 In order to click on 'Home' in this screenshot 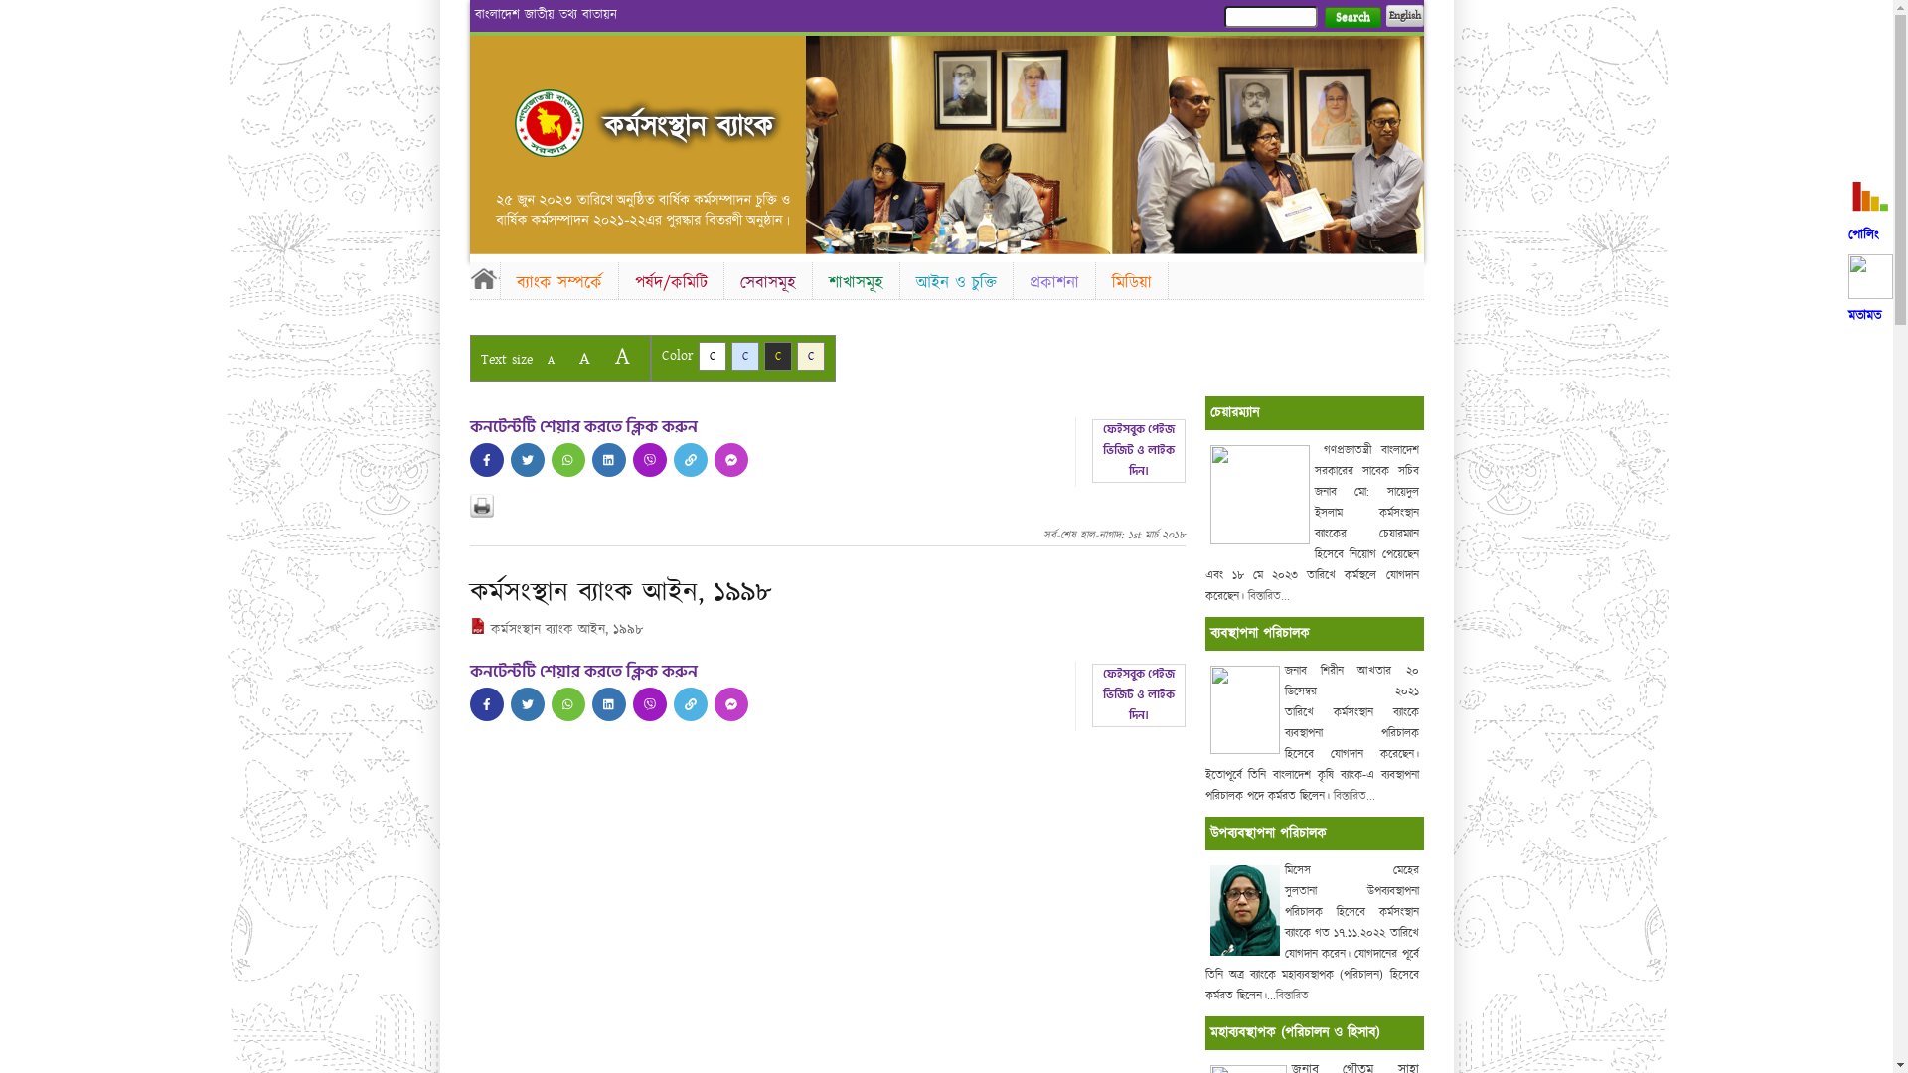, I will do `click(467, 278)`.